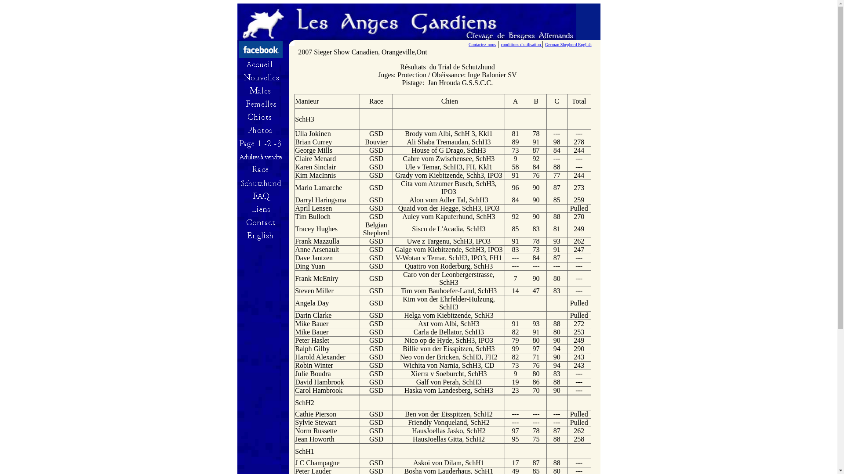 The height and width of the screenshot is (474, 844). Describe the element at coordinates (521, 43) in the screenshot. I see `'conditions d'utilisation'` at that location.